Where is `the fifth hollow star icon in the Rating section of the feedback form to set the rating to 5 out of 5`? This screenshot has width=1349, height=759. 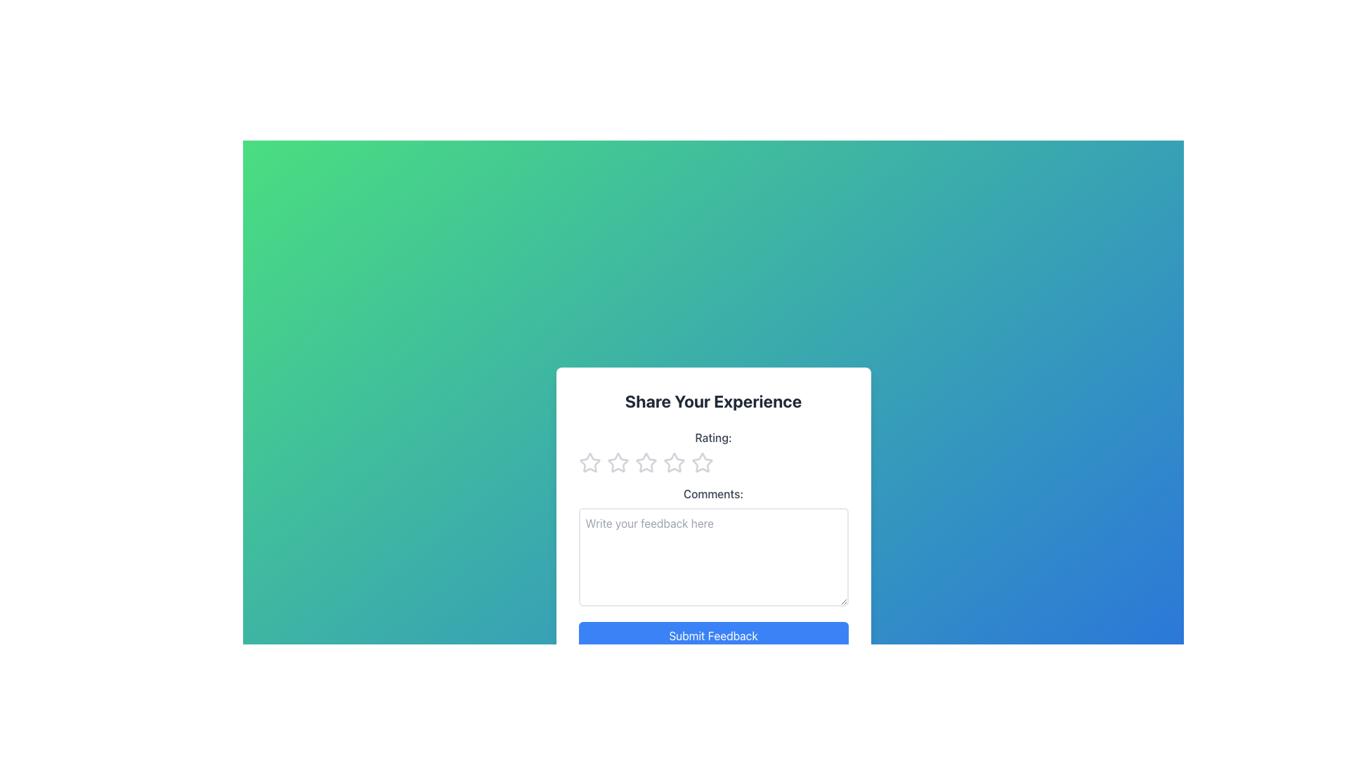
the fifth hollow star icon in the Rating section of the feedback form to set the rating to 5 out of 5 is located at coordinates (702, 463).